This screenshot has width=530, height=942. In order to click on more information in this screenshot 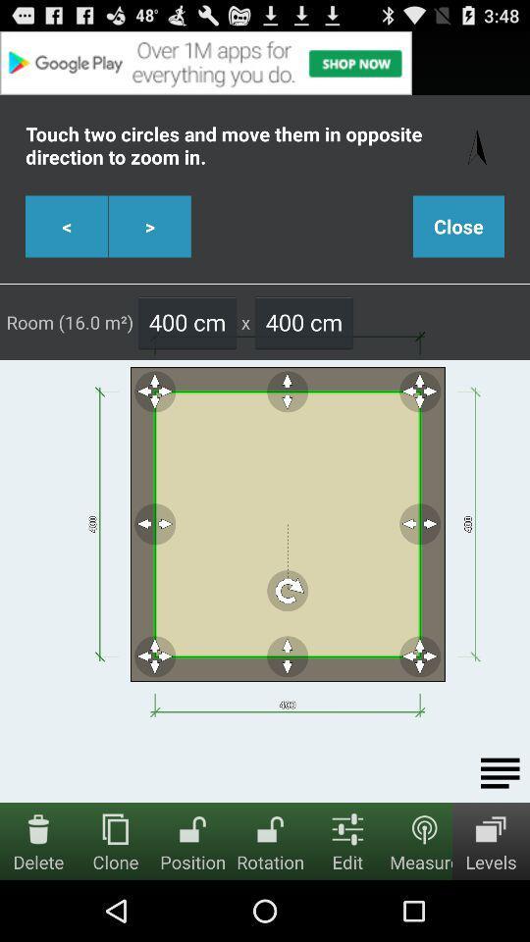, I will do `click(500, 773)`.